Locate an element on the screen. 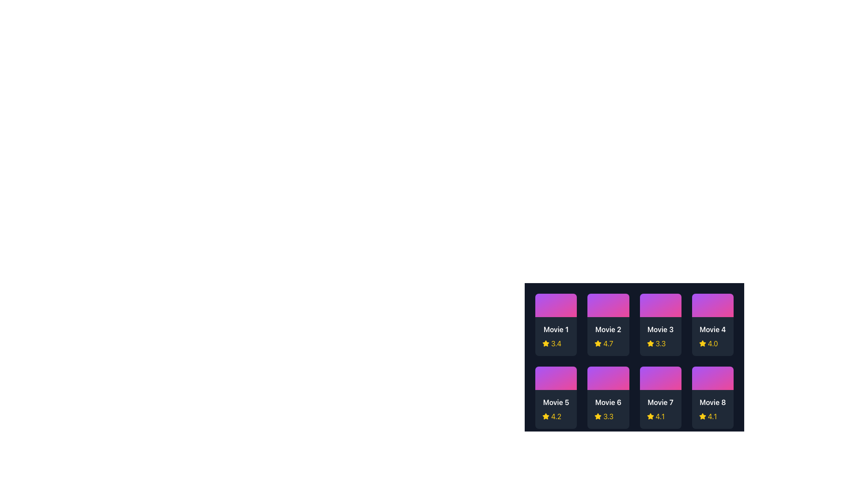 The image size is (848, 477). displayed rating value from the text label located under 'Movie 1', to the right of the yellow star icon is located at coordinates (556, 343).